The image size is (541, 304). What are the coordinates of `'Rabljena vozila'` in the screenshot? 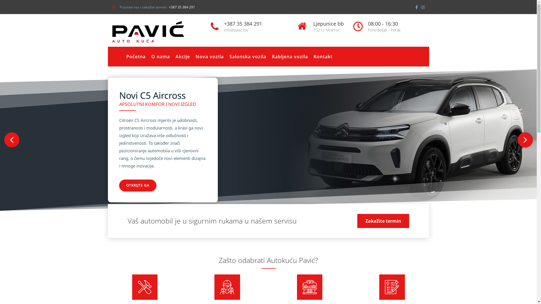 It's located at (289, 56).